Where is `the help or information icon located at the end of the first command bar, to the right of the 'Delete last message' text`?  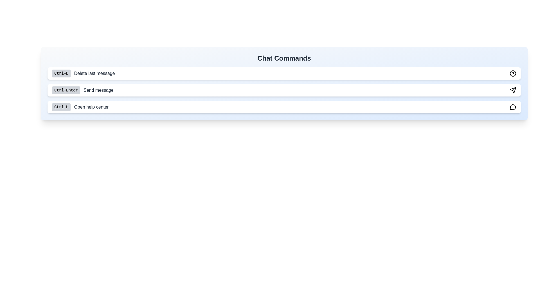 the help or information icon located at the end of the first command bar, to the right of the 'Delete last message' text is located at coordinates (513, 73).